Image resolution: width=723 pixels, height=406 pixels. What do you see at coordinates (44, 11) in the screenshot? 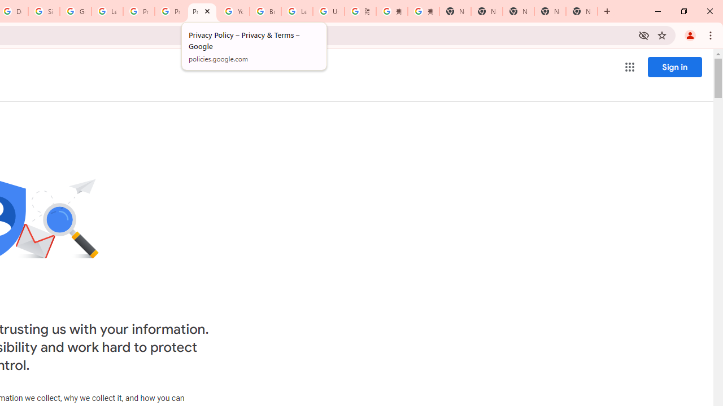
I see `'Sign in - Google Accounts'` at bounding box center [44, 11].